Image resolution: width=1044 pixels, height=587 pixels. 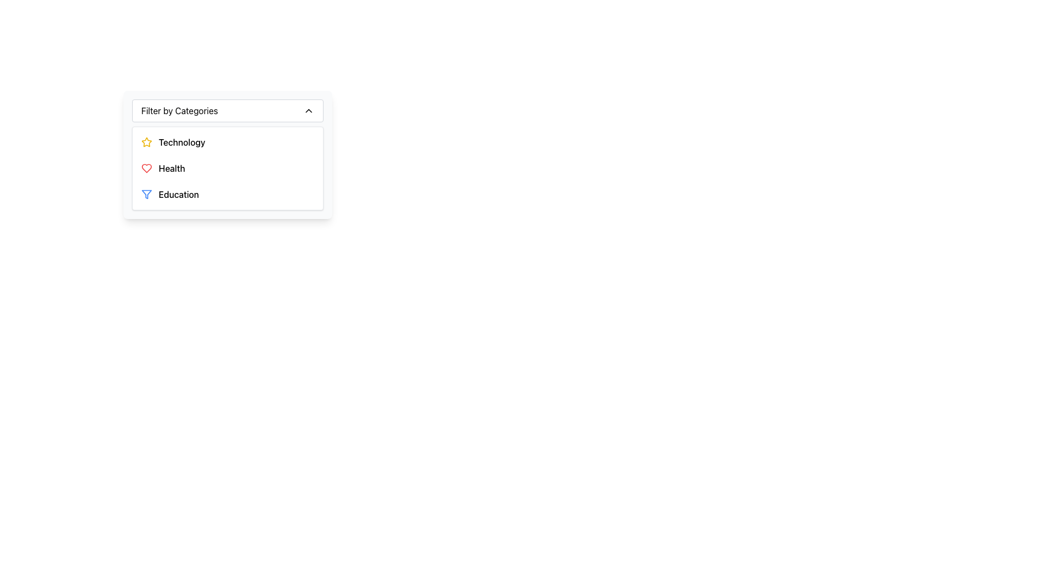 I want to click on the 'Education' category label in the filtering menu, so click(x=179, y=194).